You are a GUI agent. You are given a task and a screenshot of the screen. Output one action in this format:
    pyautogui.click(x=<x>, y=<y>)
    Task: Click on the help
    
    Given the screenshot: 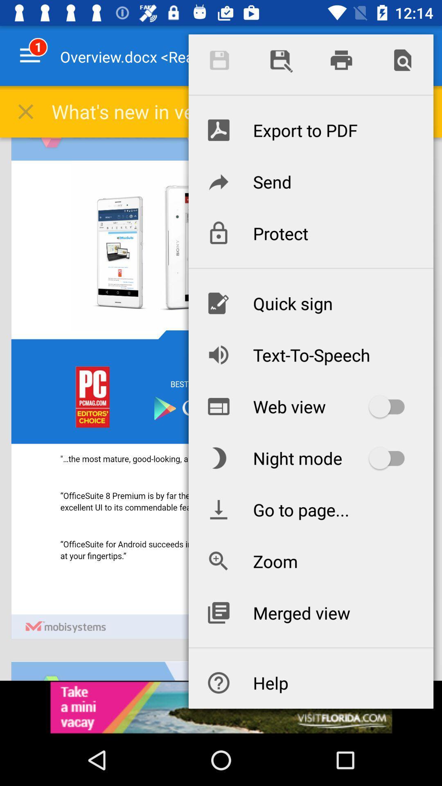 What is the action you would take?
    pyautogui.click(x=311, y=683)
    